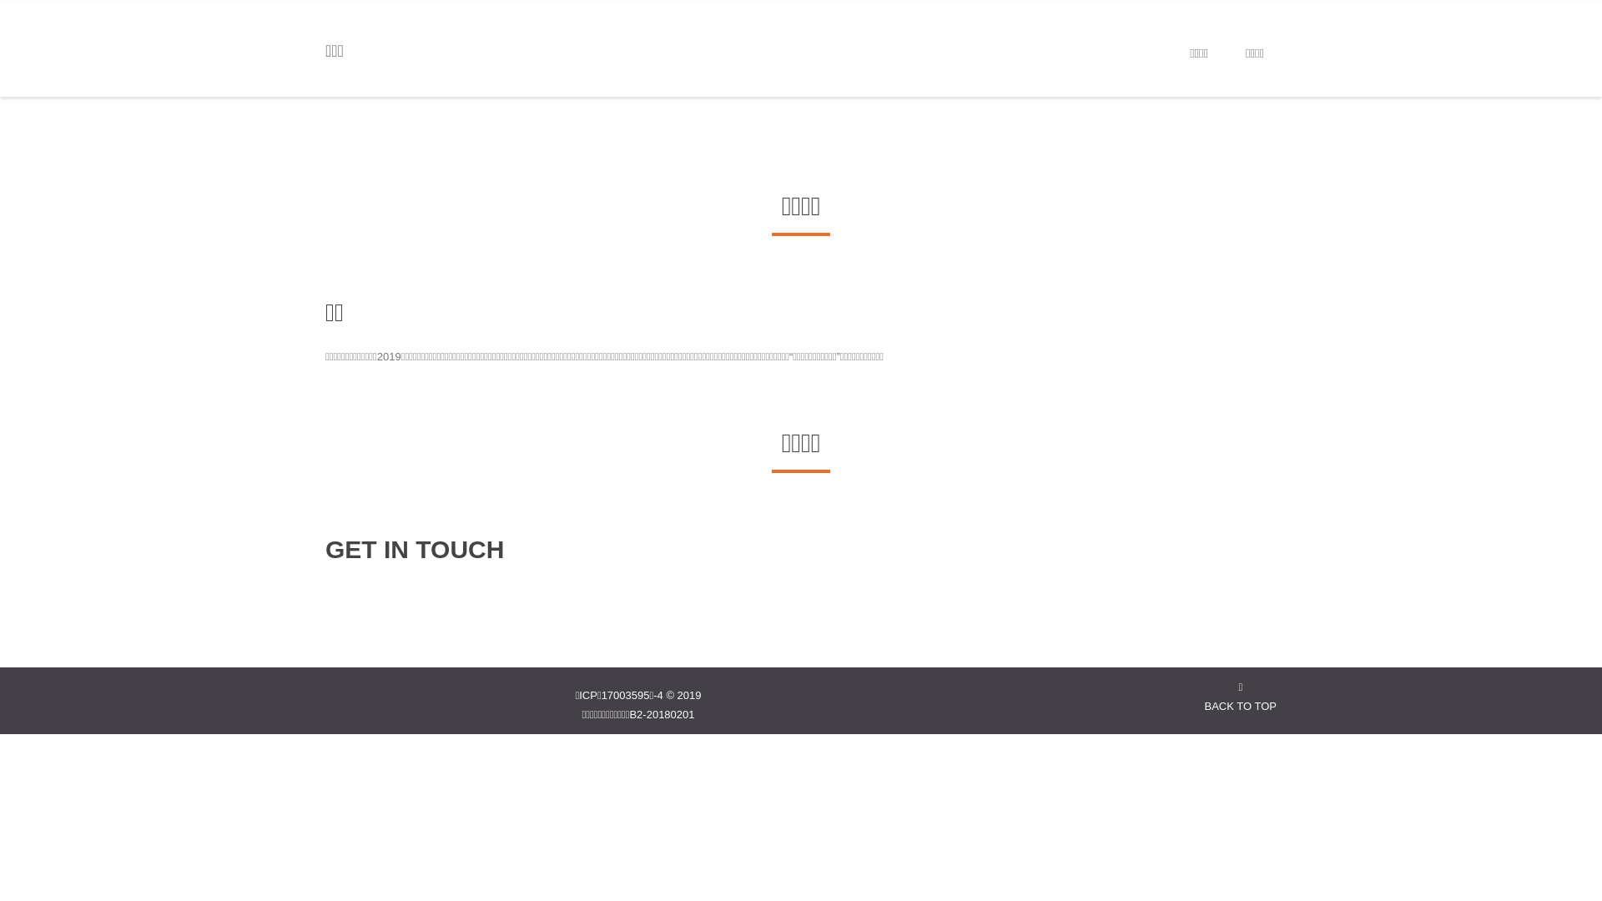  I want to click on 'BACK TO TOP', so click(1241, 696).